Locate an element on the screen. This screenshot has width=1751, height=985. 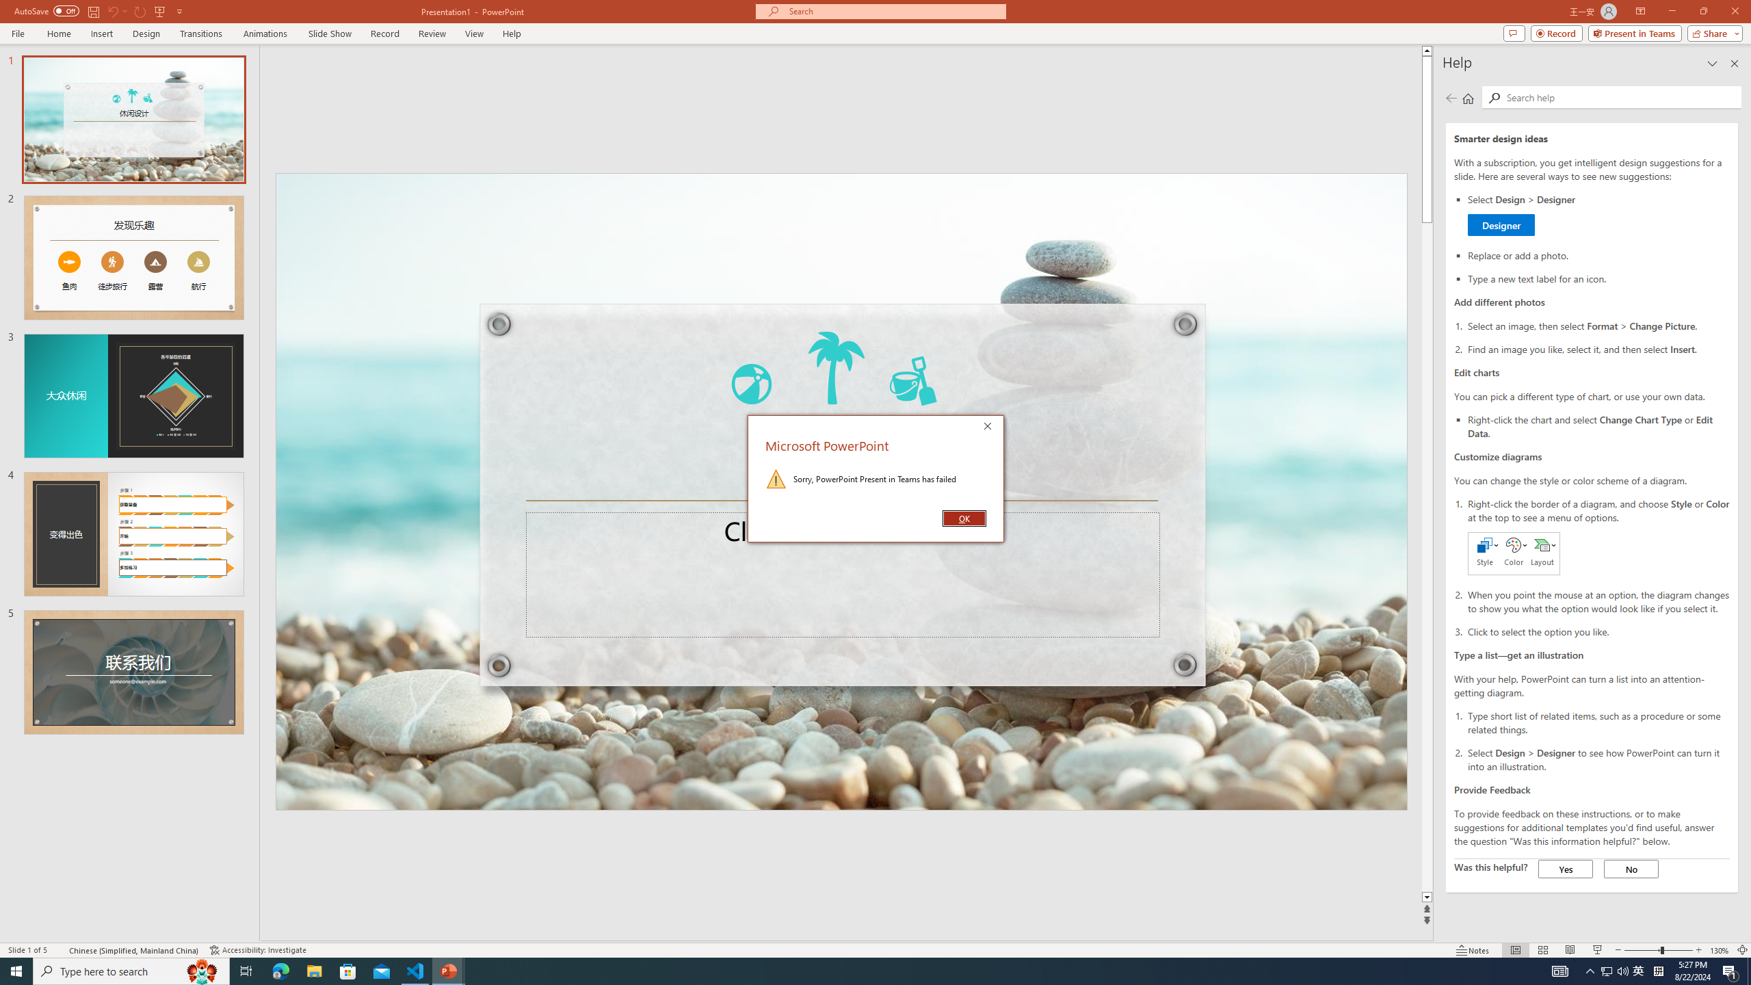
'Select an image, then select Format > Change Picture.' is located at coordinates (1598, 325).